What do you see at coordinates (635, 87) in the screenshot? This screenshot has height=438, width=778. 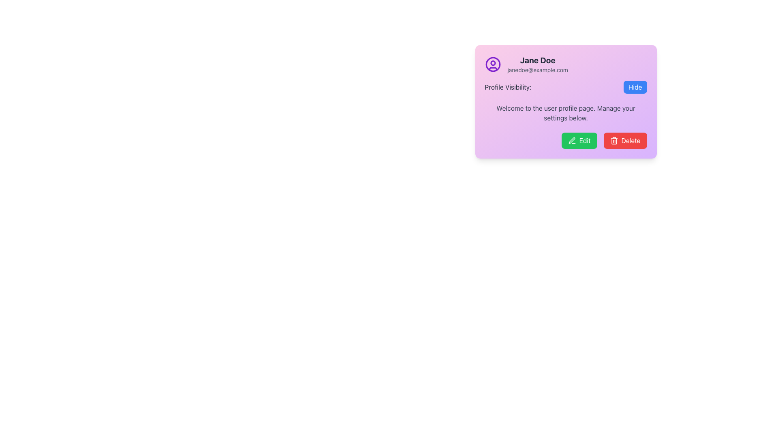 I see `the button` at bounding box center [635, 87].